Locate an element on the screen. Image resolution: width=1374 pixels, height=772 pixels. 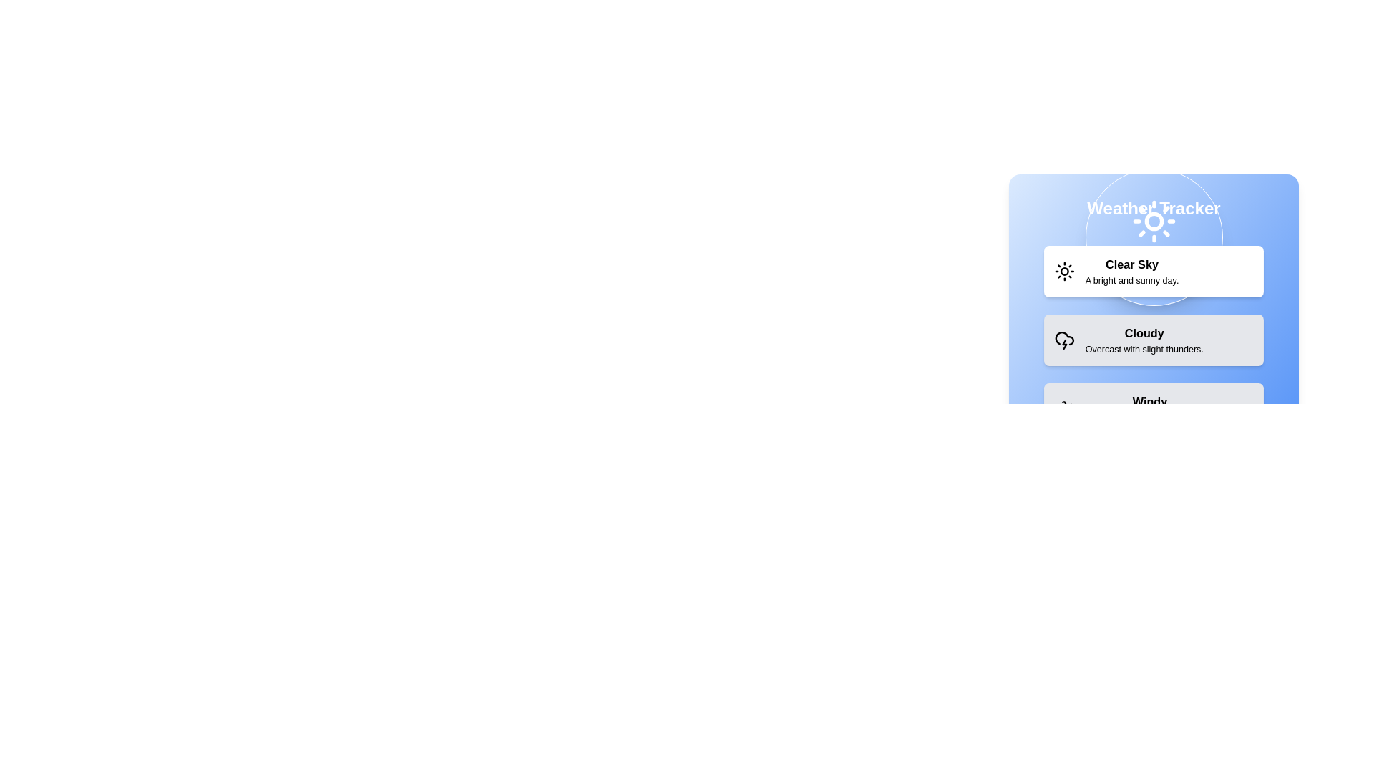
the text display element that shows 'Clear Sky' and 'A bright and sunny day', which is part of a weather conditions widget, located centrally with a sun icon to its left is located at coordinates (1131, 272).